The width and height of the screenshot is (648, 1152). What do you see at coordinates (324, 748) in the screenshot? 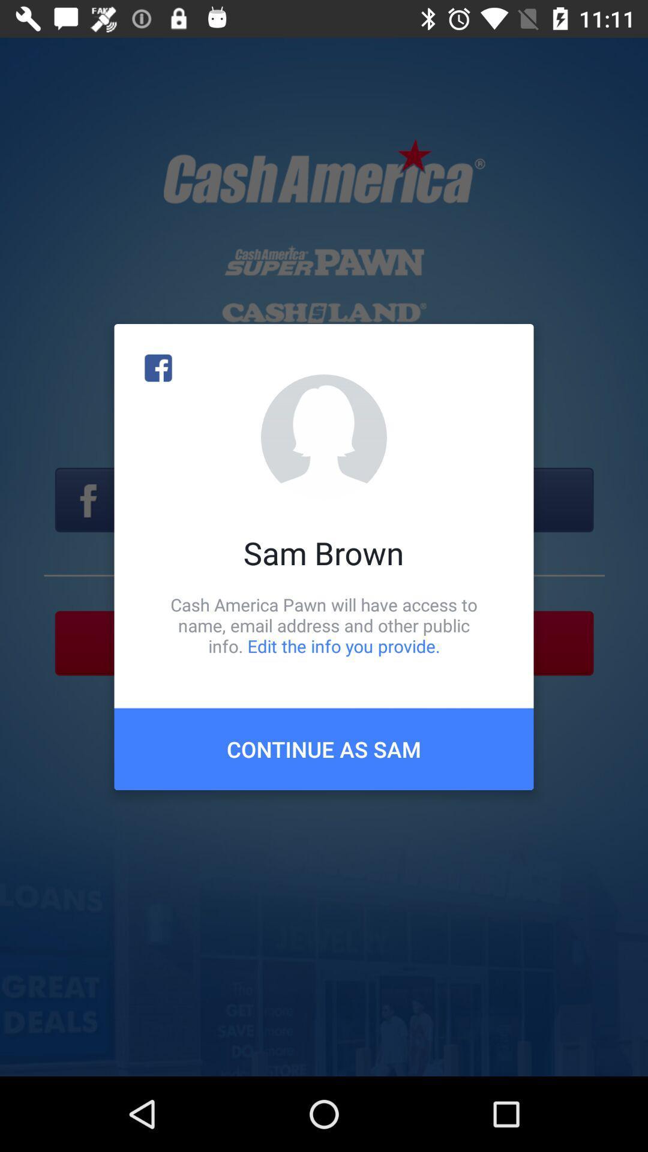
I see `the icon below cash america pawn item` at bounding box center [324, 748].